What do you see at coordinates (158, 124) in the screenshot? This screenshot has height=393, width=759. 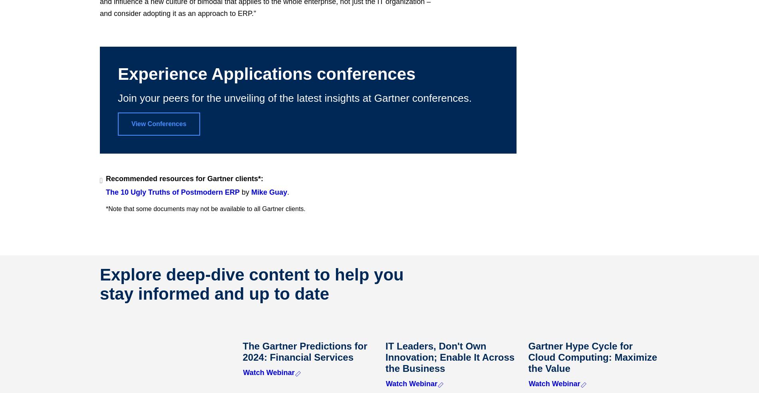 I see `'View Conferences'` at bounding box center [158, 124].